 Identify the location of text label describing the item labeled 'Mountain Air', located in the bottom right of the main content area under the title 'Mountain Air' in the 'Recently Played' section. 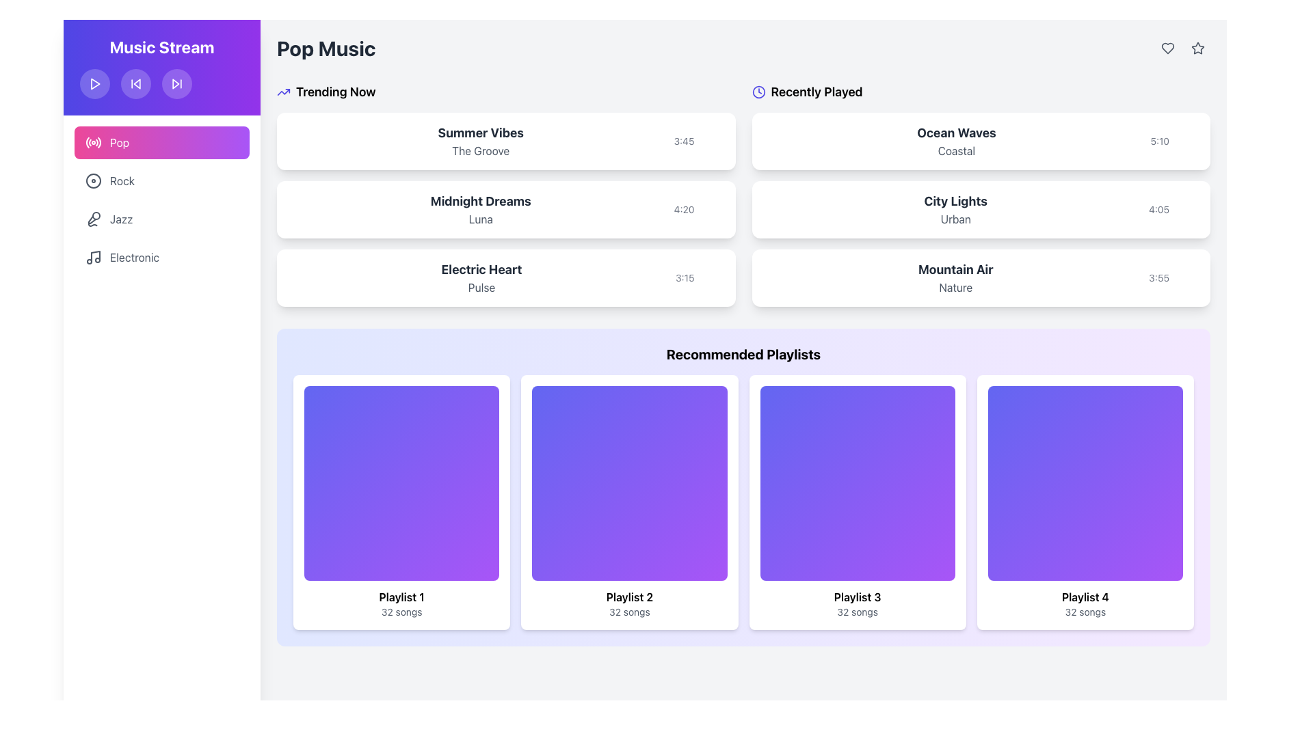
(955, 286).